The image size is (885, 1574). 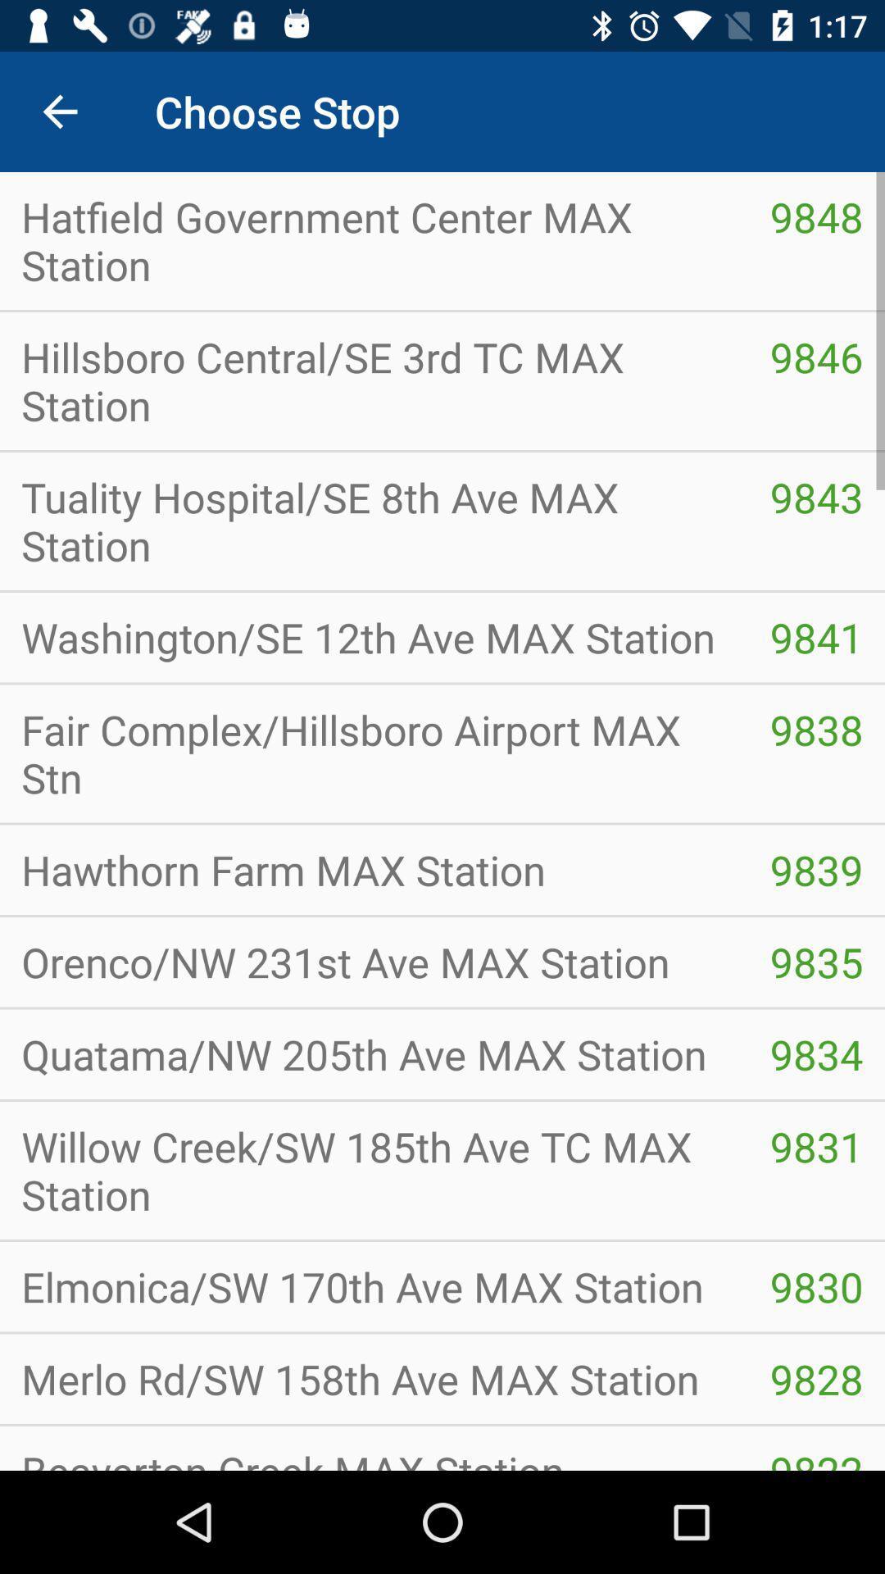 I want to click on the icon above washington se 12th item, so click(x=816, y=496).